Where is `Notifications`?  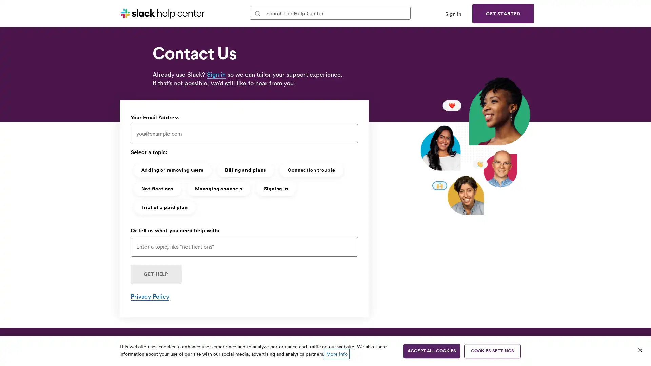 Notifications is located at coordinates (156, 188).